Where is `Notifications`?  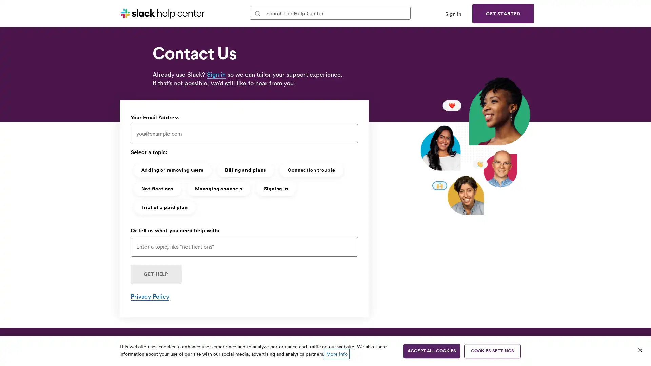 Notifications is located at coordinates (156, 188).